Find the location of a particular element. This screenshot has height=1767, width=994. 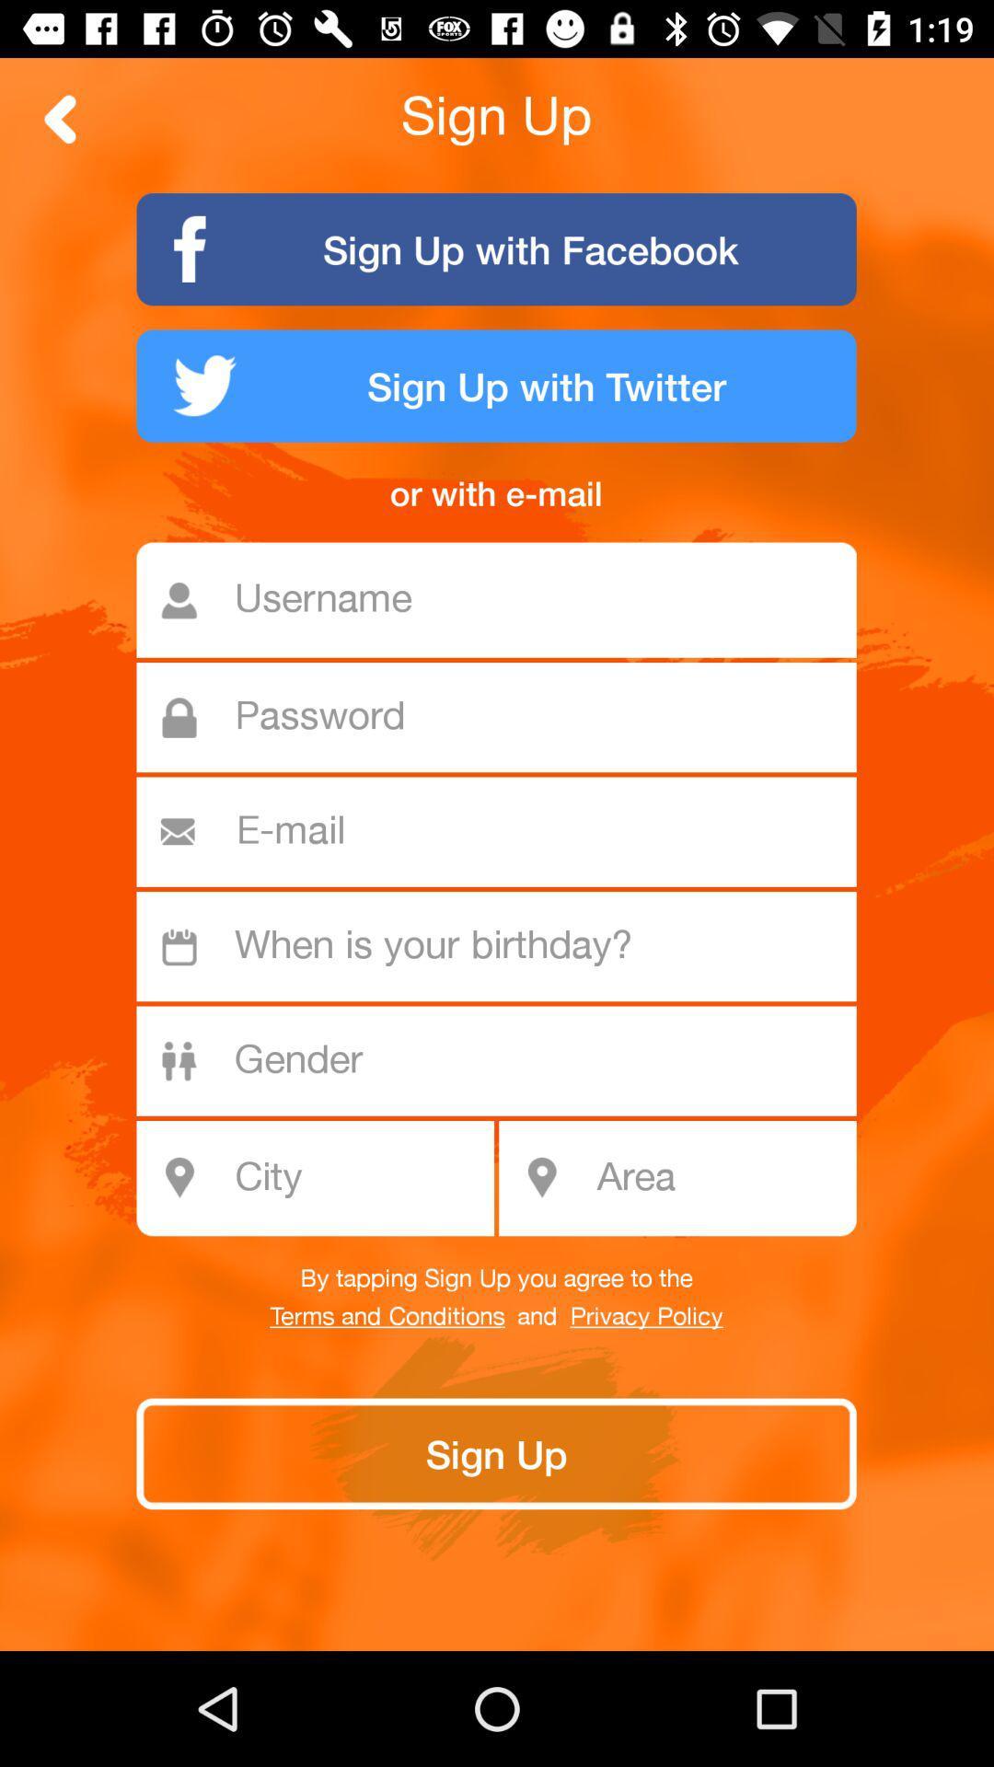

username is located at coordinates (506, 600).